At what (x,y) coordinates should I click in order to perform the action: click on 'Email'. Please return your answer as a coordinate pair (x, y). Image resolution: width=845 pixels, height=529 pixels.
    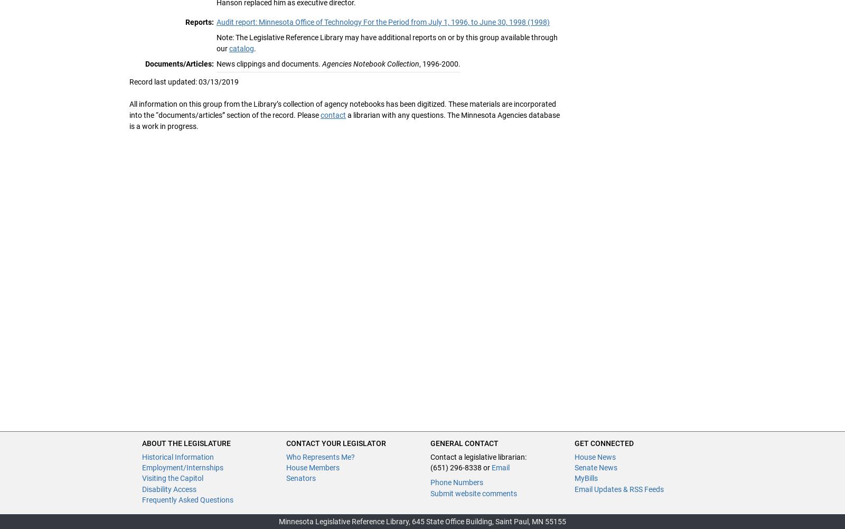
    Looking at the image, I should click on (491, 467).